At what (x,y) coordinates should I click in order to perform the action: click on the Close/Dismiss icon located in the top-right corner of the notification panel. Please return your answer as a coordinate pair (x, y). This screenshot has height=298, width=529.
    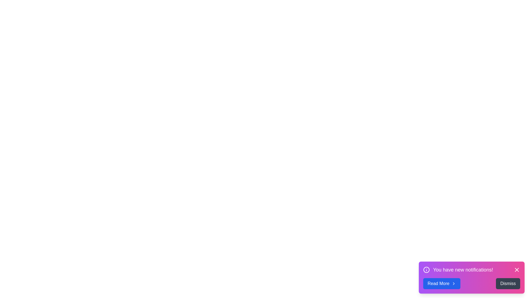
    Looking at the image, I should click on (517, 270).